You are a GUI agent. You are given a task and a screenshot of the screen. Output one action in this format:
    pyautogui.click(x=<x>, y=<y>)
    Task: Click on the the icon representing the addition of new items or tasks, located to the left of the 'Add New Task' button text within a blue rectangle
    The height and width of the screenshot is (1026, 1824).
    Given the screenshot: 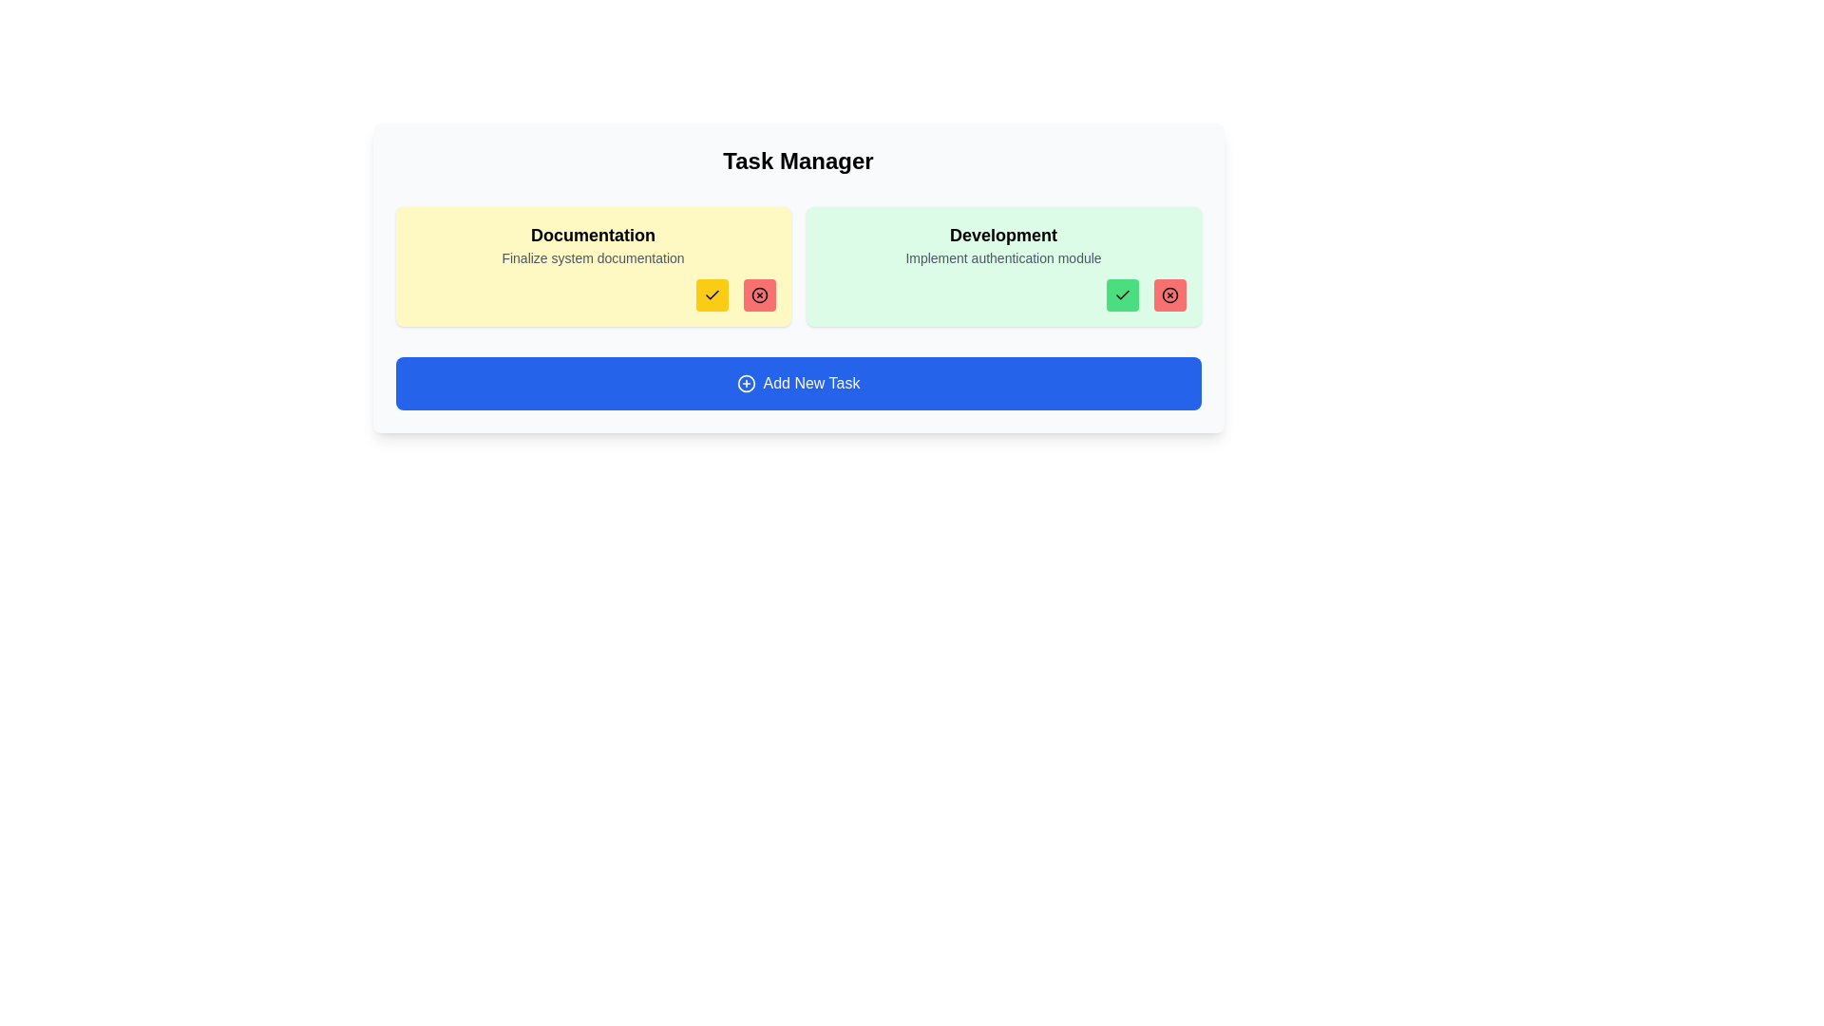 What is the action you would take?
    pyautogui.click(x=745, y=384)
    